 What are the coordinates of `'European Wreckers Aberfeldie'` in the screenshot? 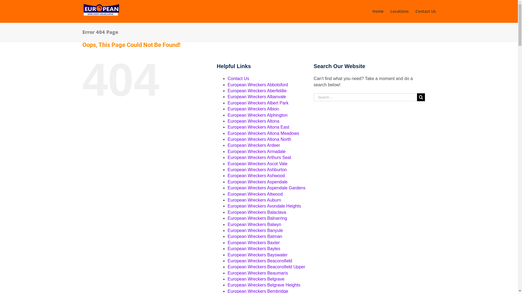 It's located at (227, 90).